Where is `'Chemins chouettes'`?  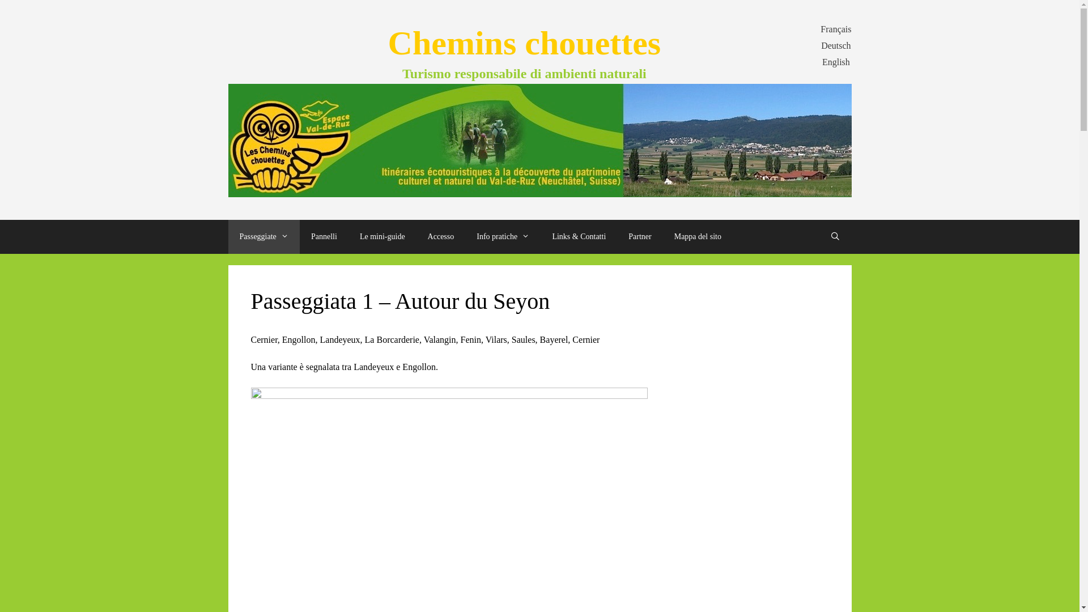 'Chemins chouettes' is located at coordinates (524, 42).